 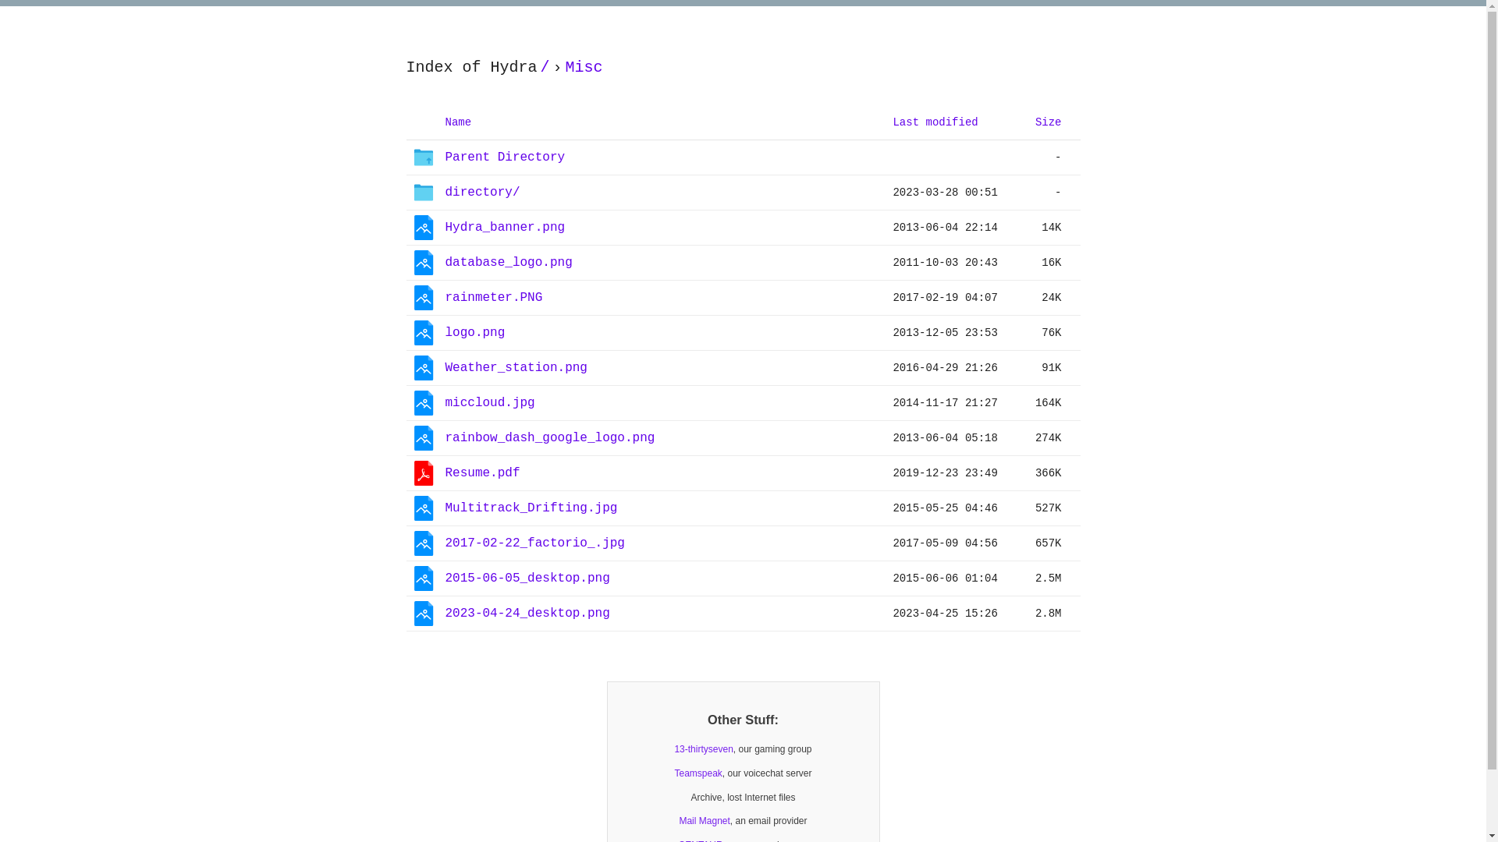 What do you see at coordinates (481, 472) in the screenshot?
I see `'Resume.pdf'` at bounding box center [481, 472].